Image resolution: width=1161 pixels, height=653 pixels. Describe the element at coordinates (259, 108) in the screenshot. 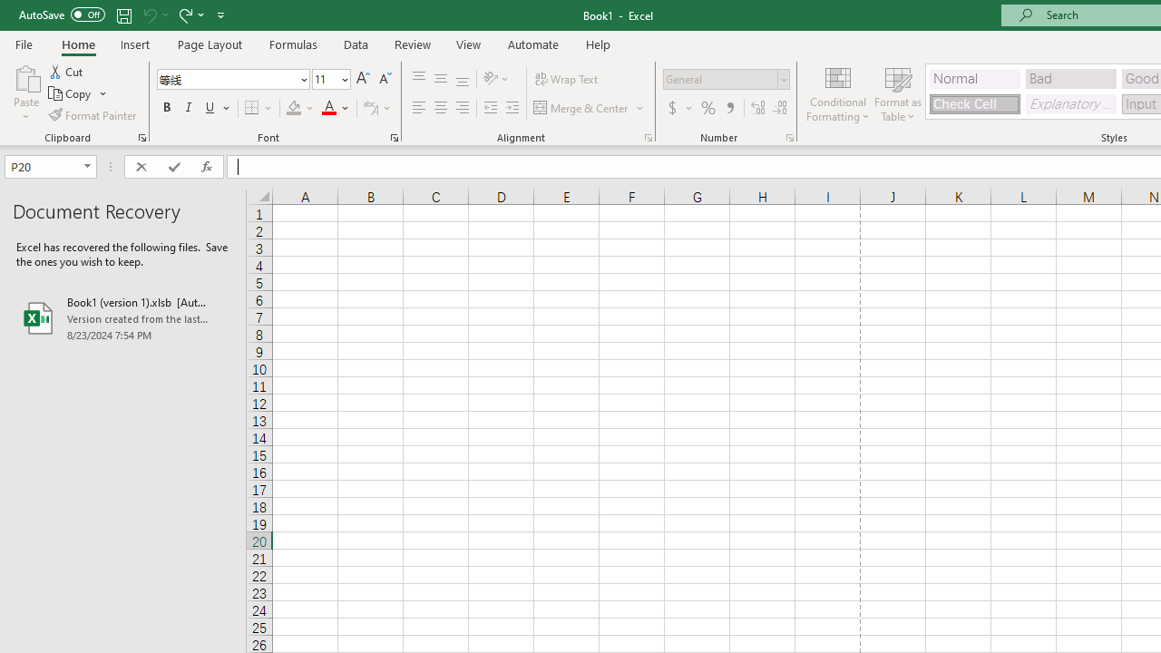

I see `'Borders'` at that location.